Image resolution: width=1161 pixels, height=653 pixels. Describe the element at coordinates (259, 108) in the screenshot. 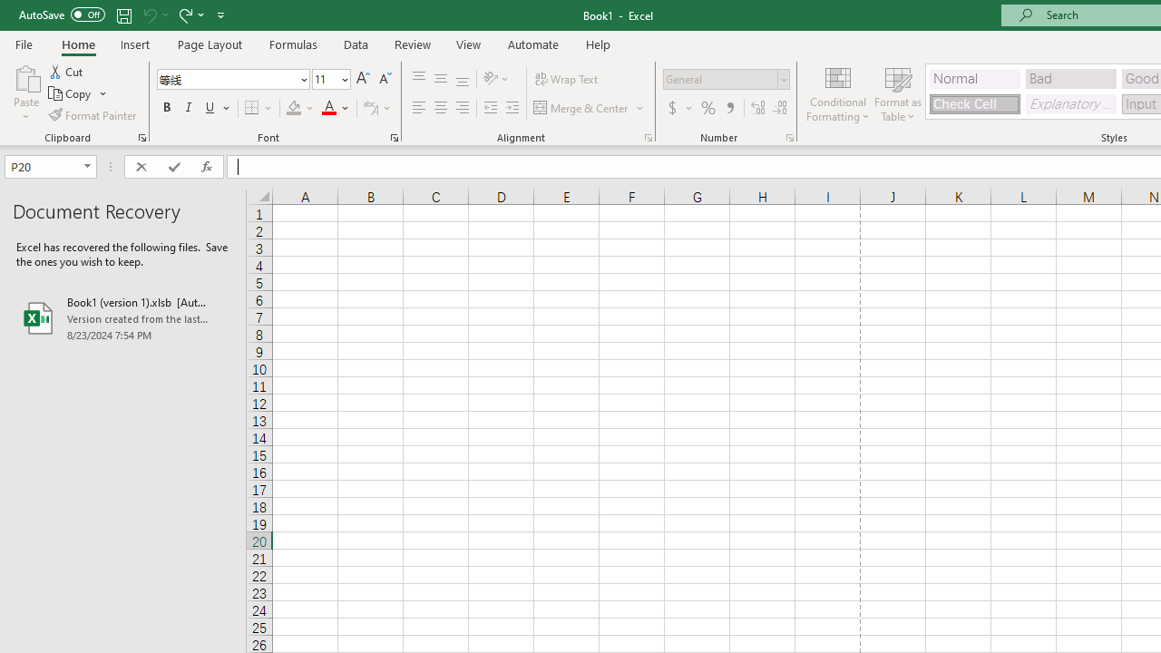

I see `'Borders'` at that location.